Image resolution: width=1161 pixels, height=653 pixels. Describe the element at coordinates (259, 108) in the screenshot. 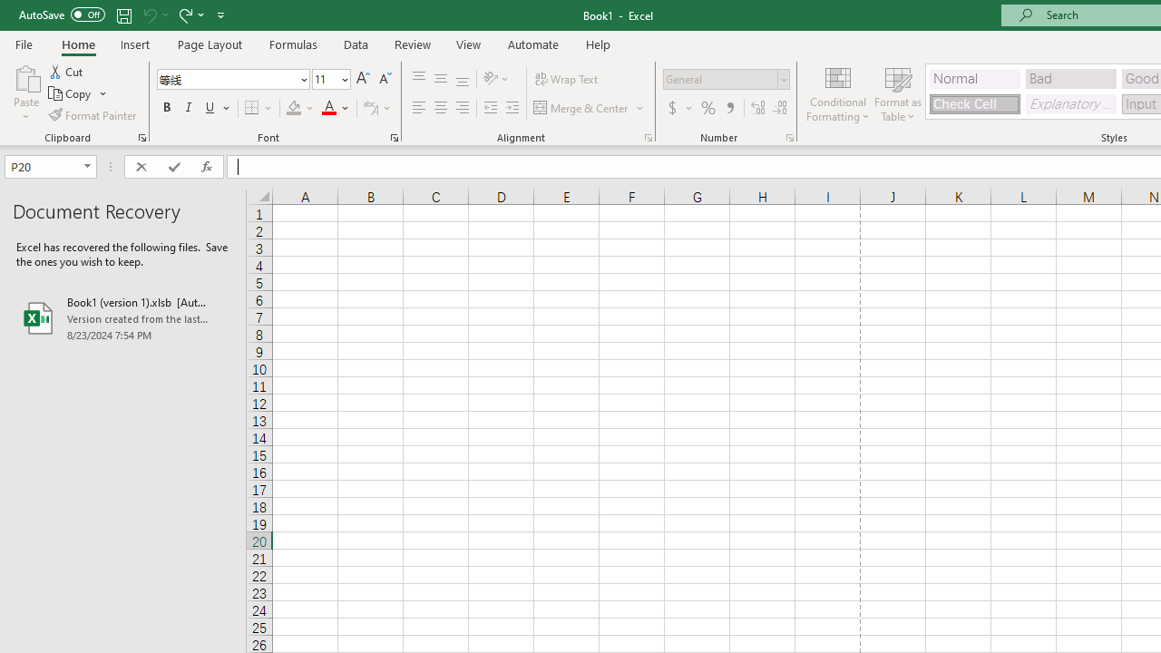

I see `'Borders'` at that location.